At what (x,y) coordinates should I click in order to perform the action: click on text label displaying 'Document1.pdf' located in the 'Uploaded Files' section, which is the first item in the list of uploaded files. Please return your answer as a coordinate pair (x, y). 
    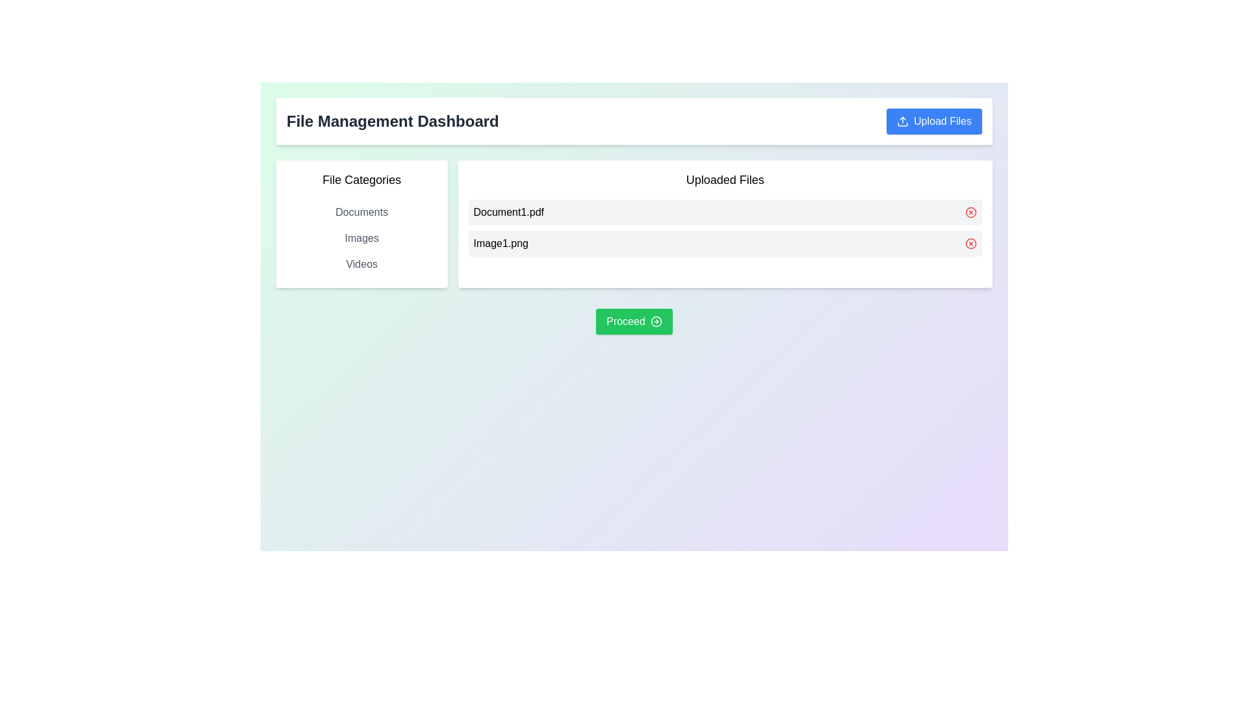
    Looking at the image, I should click on (508, 212).